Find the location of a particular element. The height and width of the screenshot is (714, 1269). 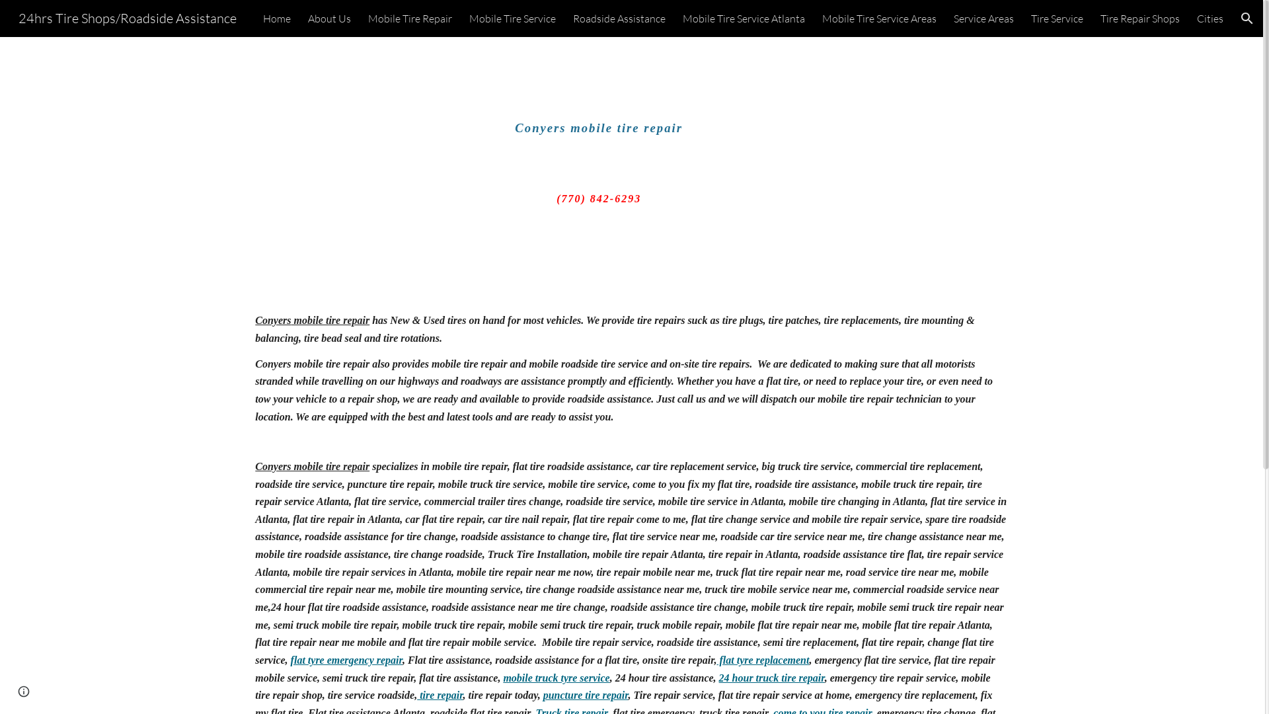

'Mobile Tire Service Atlanta' is located at coordinates (744, 18).